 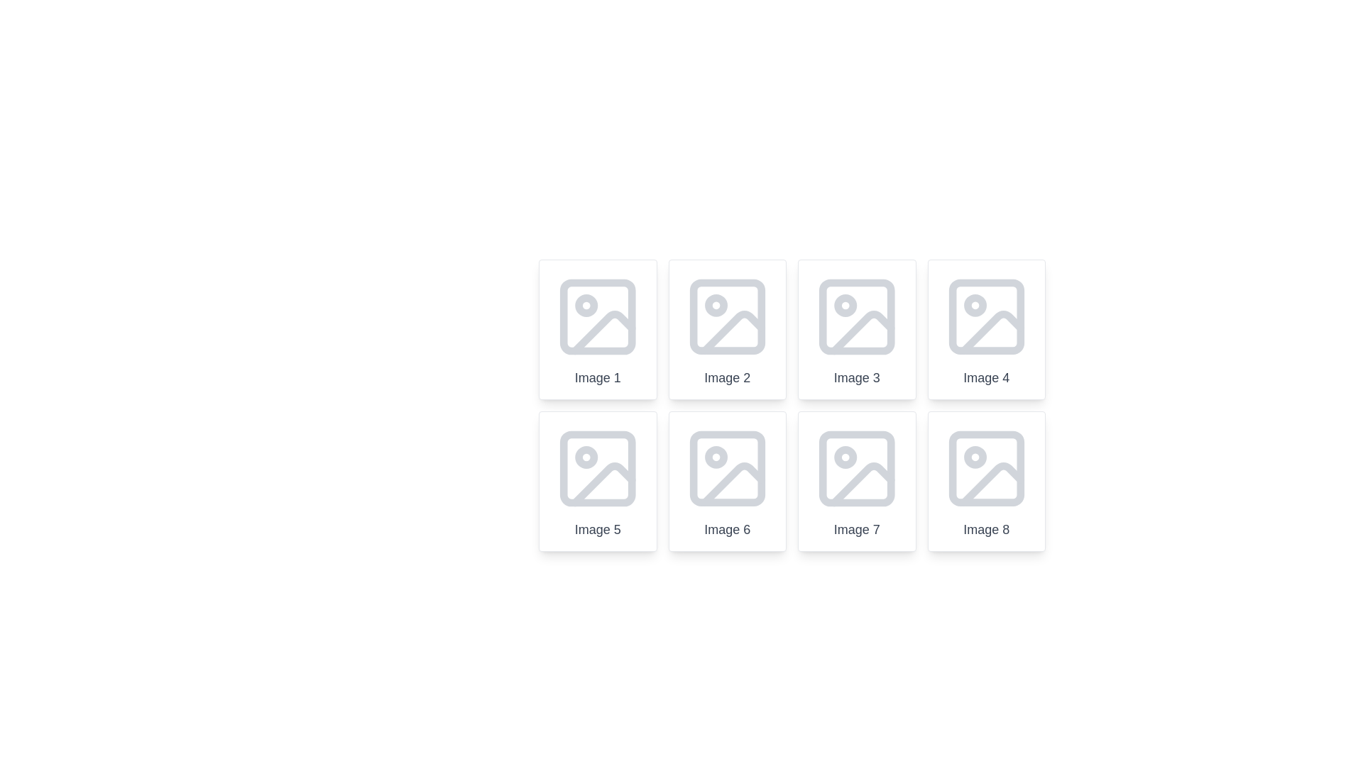 What do you see at coordinates (727, 480) in the screenshot?
I see `the interactive card element labeled 'Image 6', which is located in the second row, second column of a grid layout` at bounding box center [727, 480].